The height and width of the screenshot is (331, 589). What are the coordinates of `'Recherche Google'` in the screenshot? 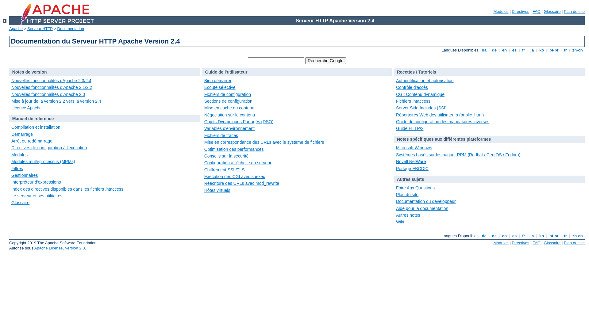 It's located at (305, 60).